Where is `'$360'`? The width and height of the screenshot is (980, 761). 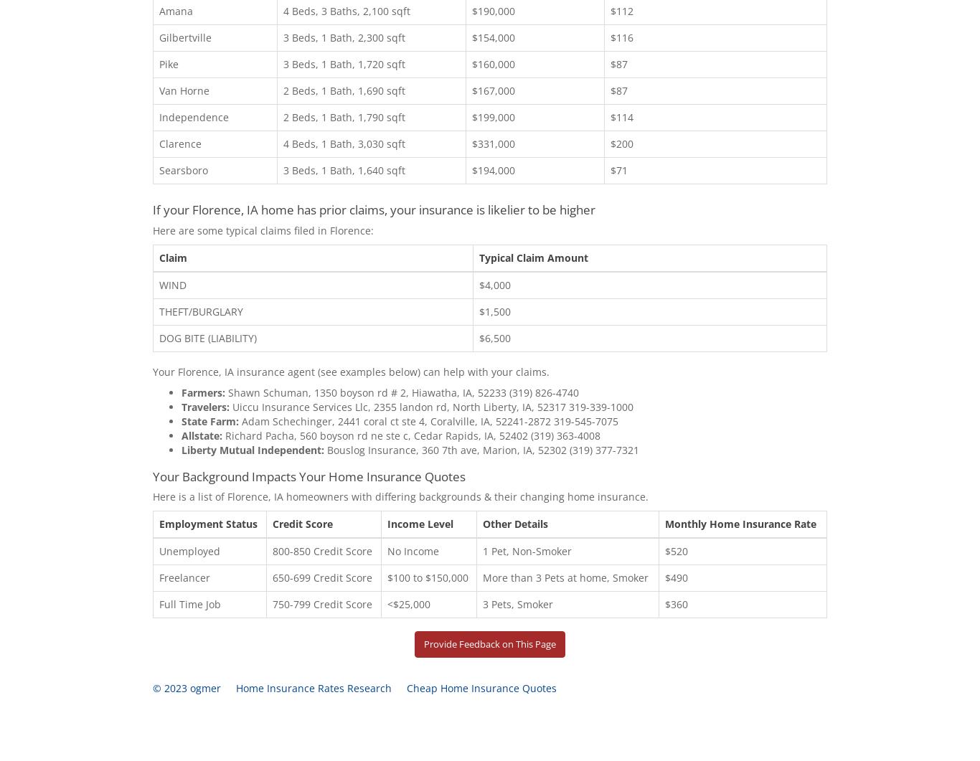 '$360' is located at coordinates (664, 604).